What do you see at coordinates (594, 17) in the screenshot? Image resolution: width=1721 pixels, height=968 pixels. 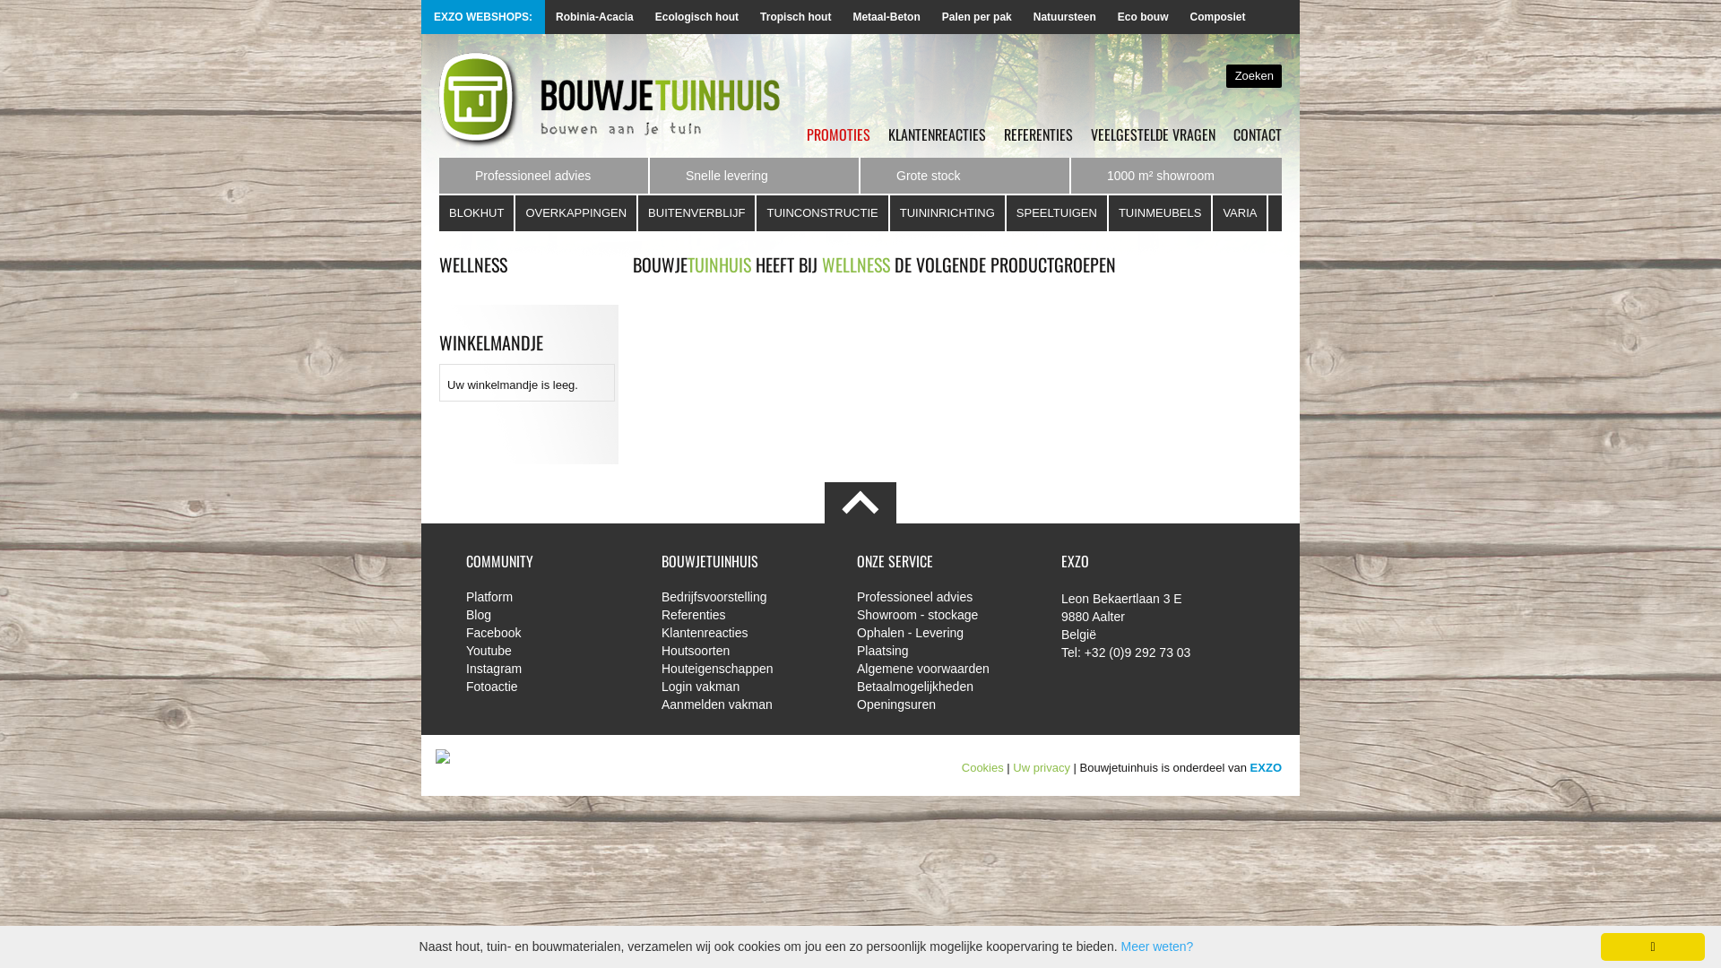 I see `'Robinia-Acacia'` at bounding box center [594, 17].